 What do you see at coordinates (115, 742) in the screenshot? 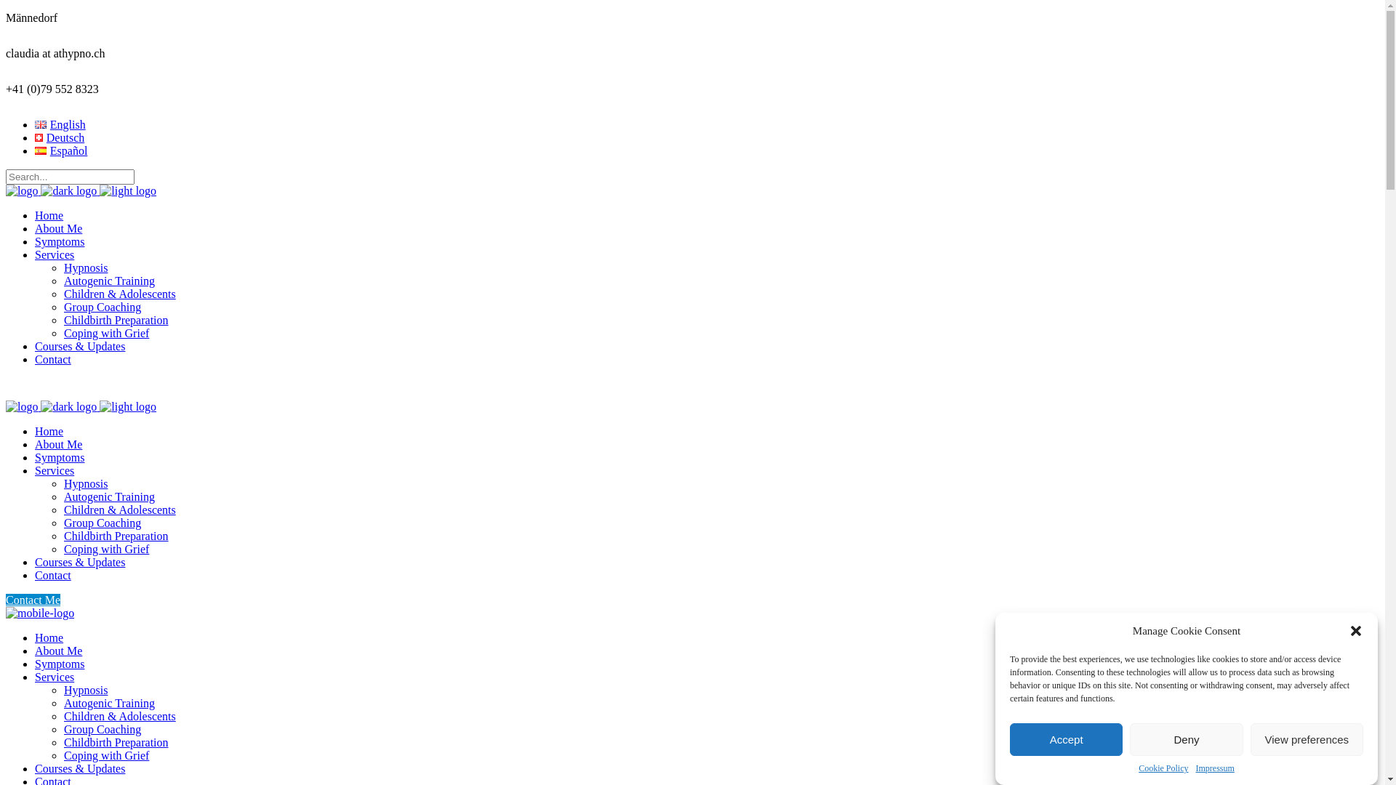
I see `'Childbirth Preparation'` at bounding box center [115, 742].